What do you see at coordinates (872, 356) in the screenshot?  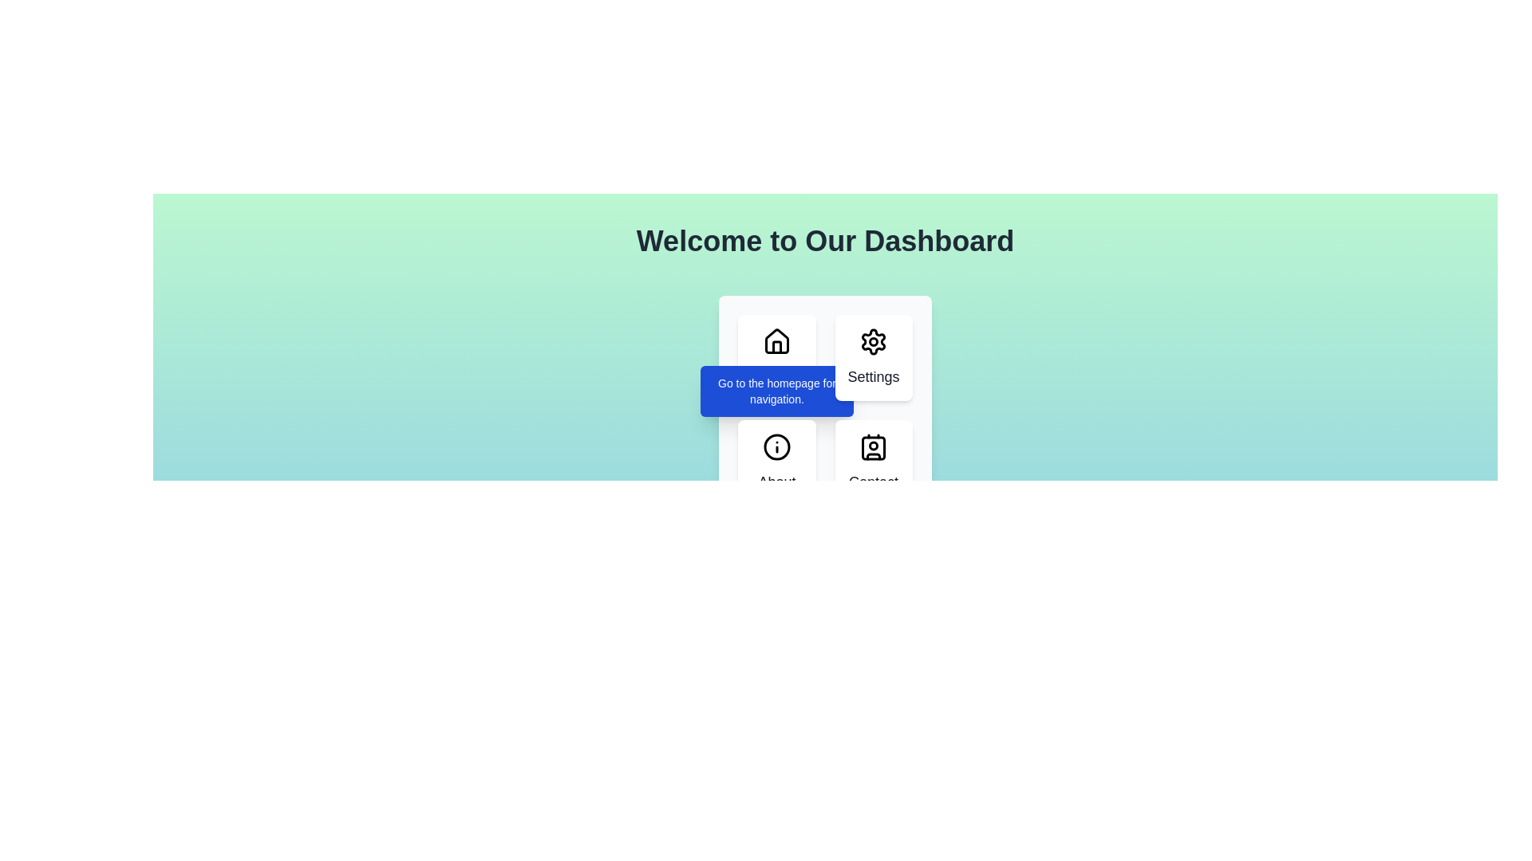 I see `the rectangular button with a white background and a gear icon above the text 'Settings'` at bounding box center [872, 356].